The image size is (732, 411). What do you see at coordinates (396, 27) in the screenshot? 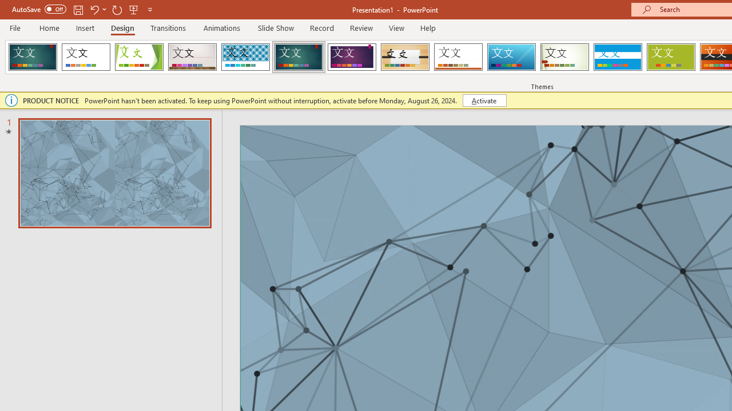
I see `'View'` at bounding box center [396, 27].